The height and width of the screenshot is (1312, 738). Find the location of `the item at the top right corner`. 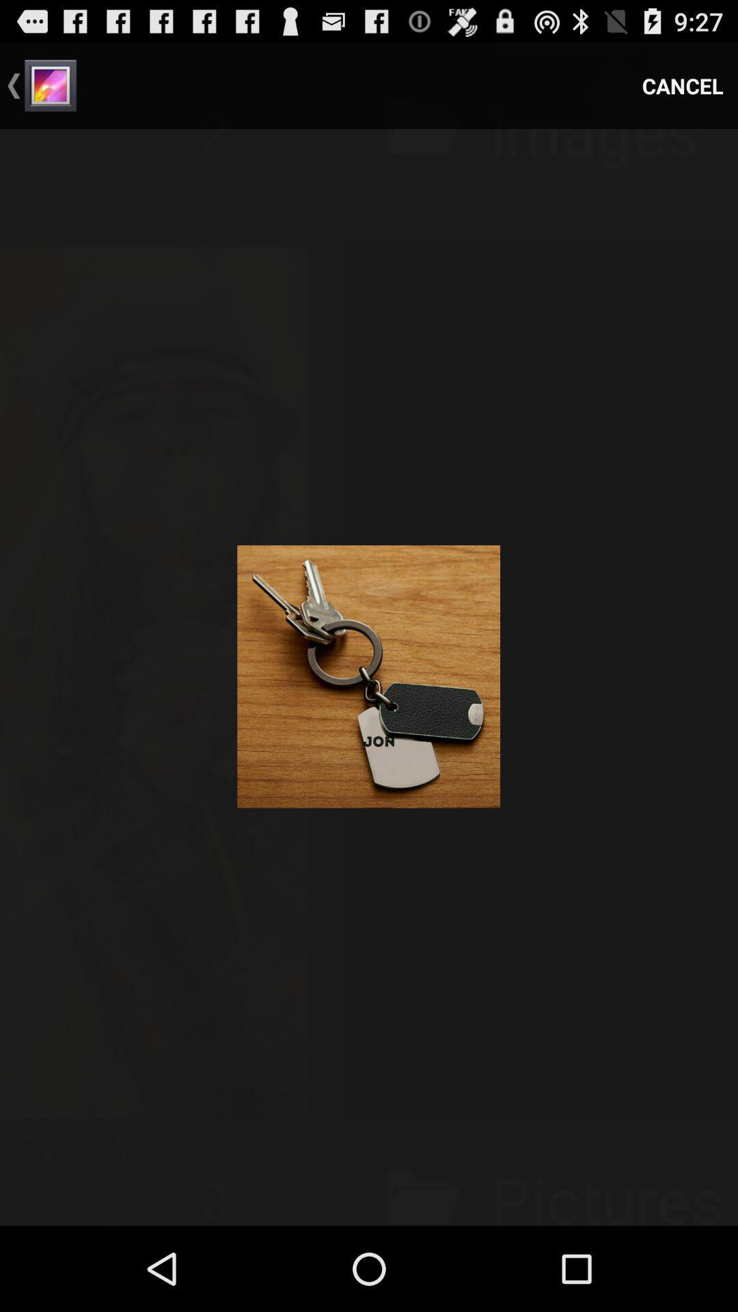

the item at the top right corner is located at coordinates (683, 85).